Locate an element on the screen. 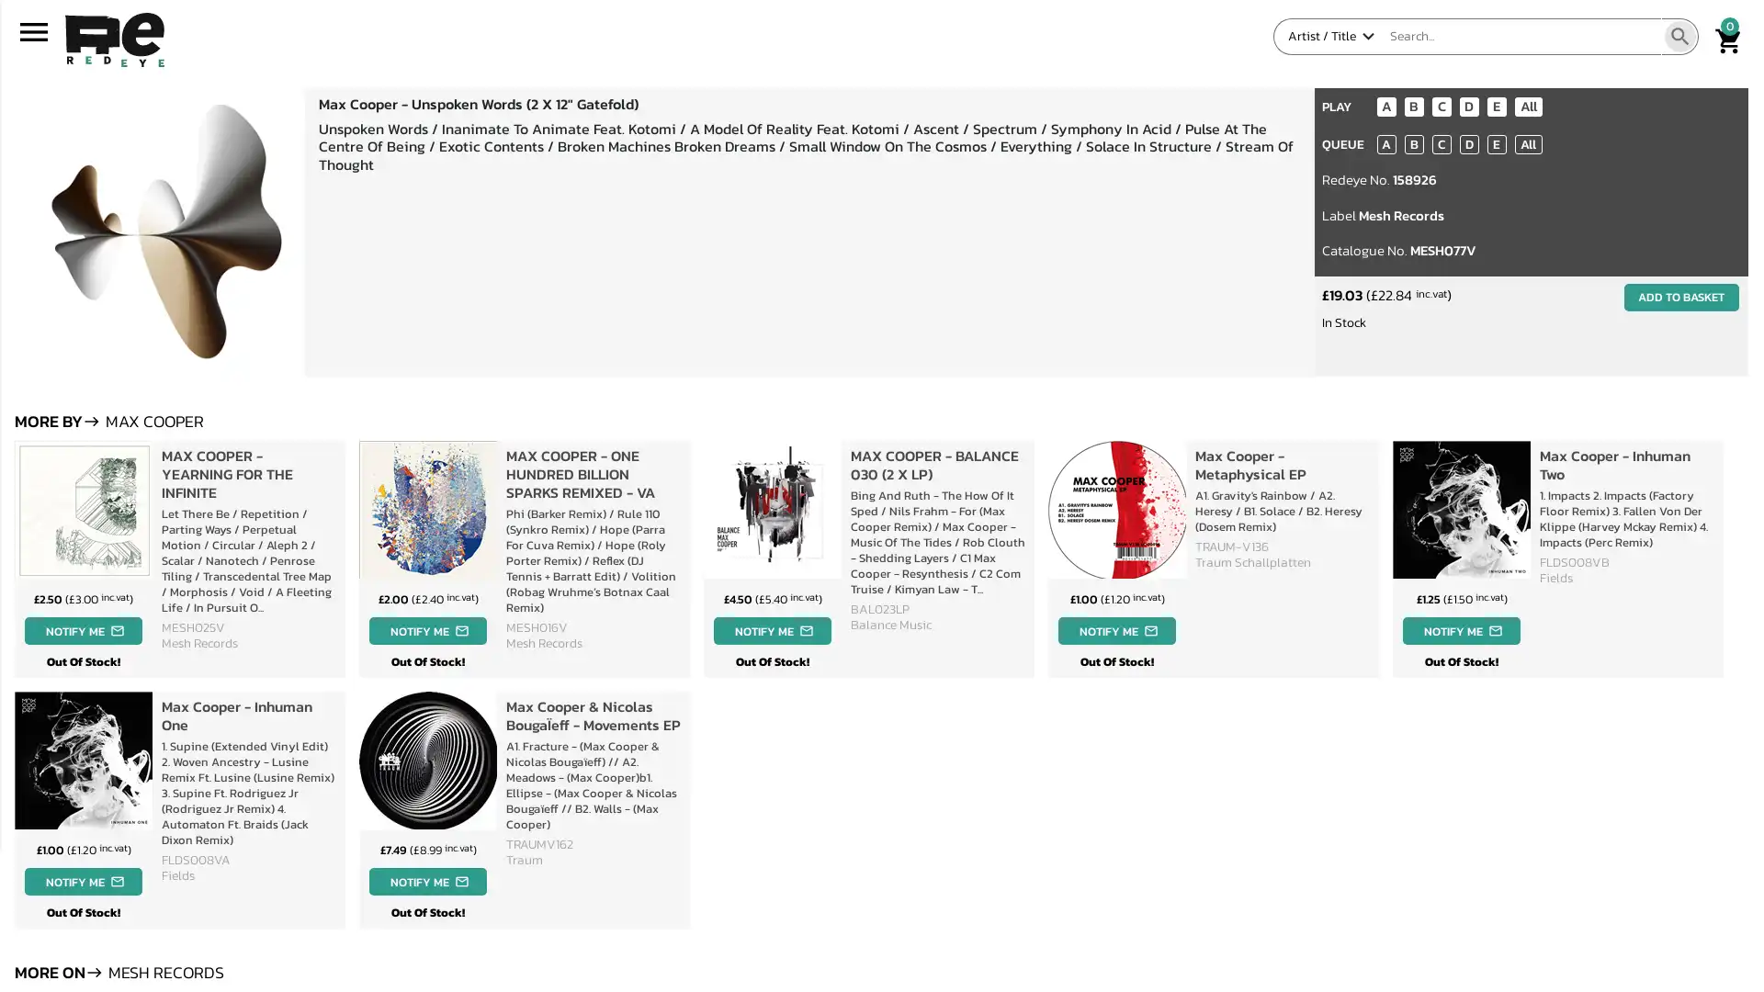 This screenshot has height=992, width=1764. NOTIFY ME mail_outline is located at coordinates (426, 629).